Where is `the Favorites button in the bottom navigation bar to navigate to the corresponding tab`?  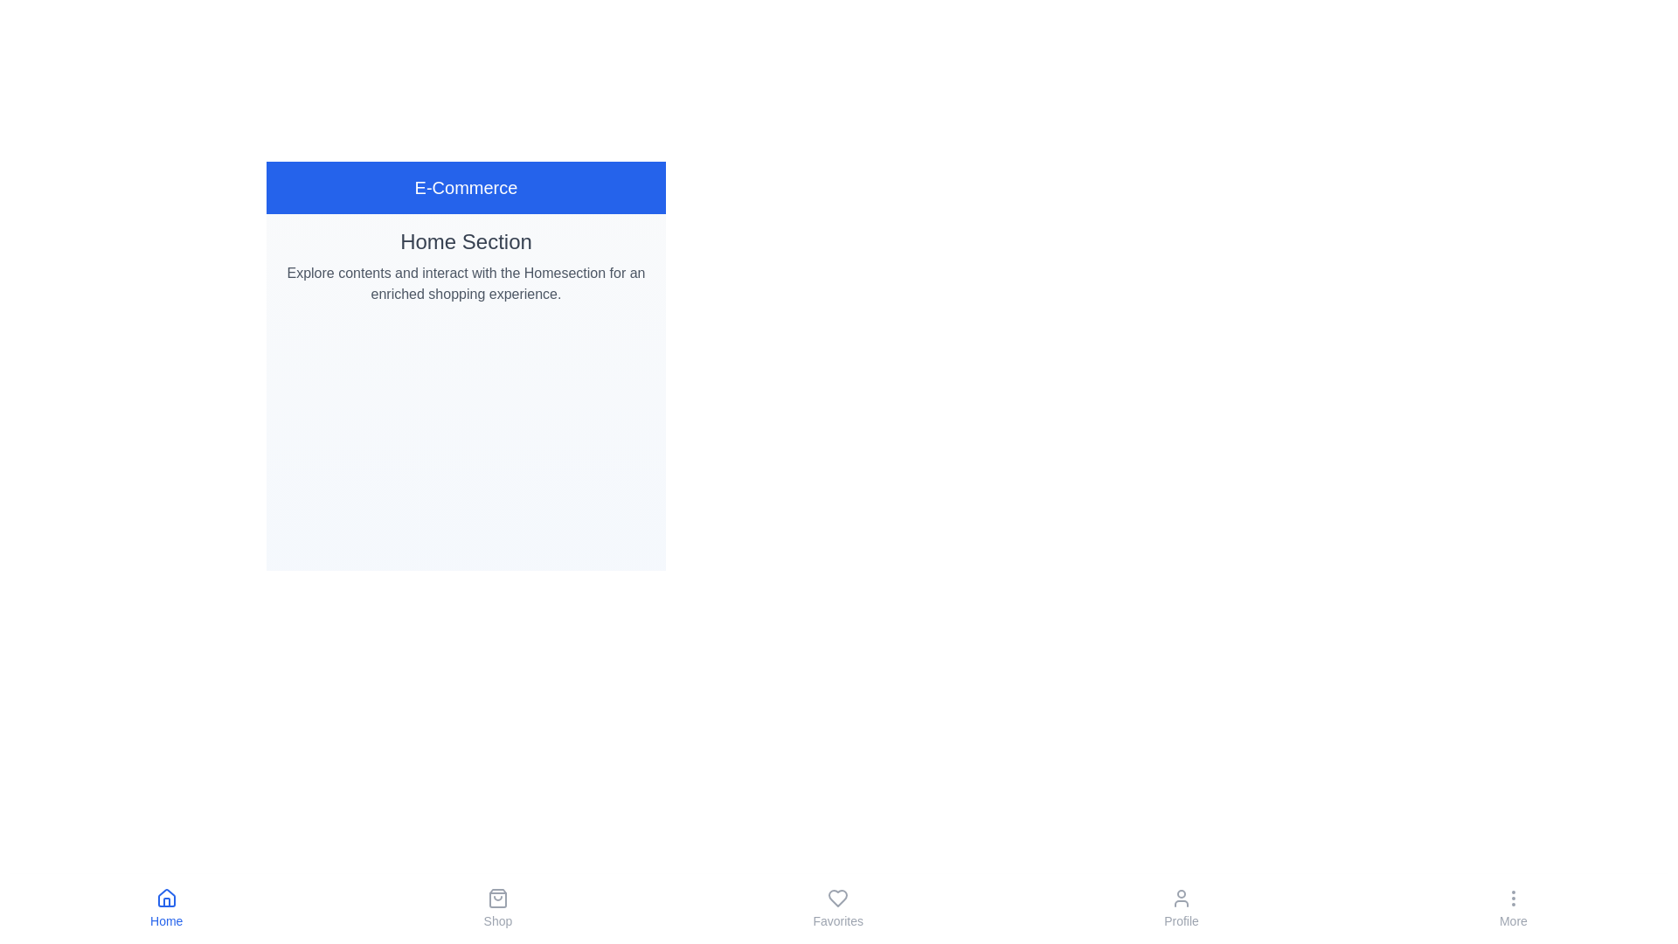
the Favorites button in the bottom navigation bar to navigate to the corresponding tab is located at coordinates (839, 908).